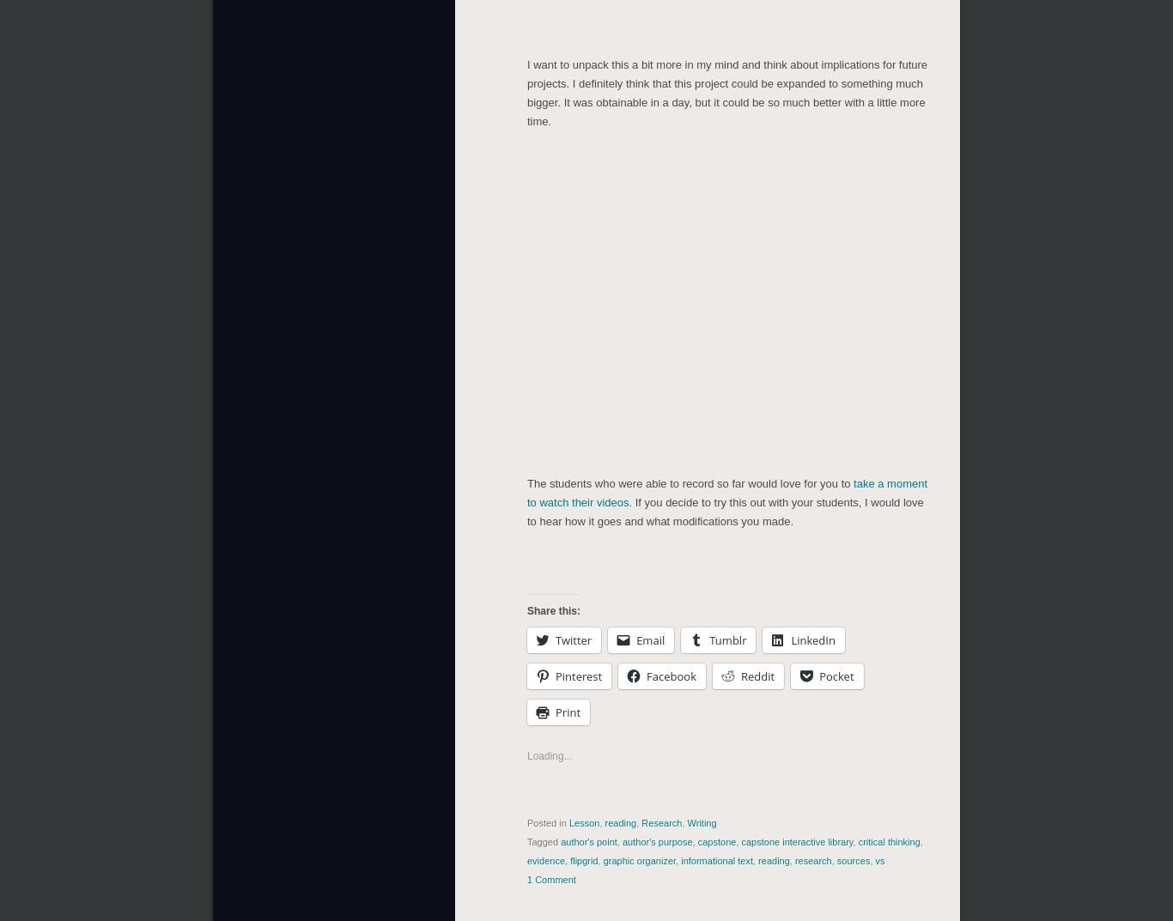 Image resolution: width=1173 pixels, height=921 pixels. Describe the element at coordinates (545, 858) in the screenshot. I see `'evidence'` at that location.